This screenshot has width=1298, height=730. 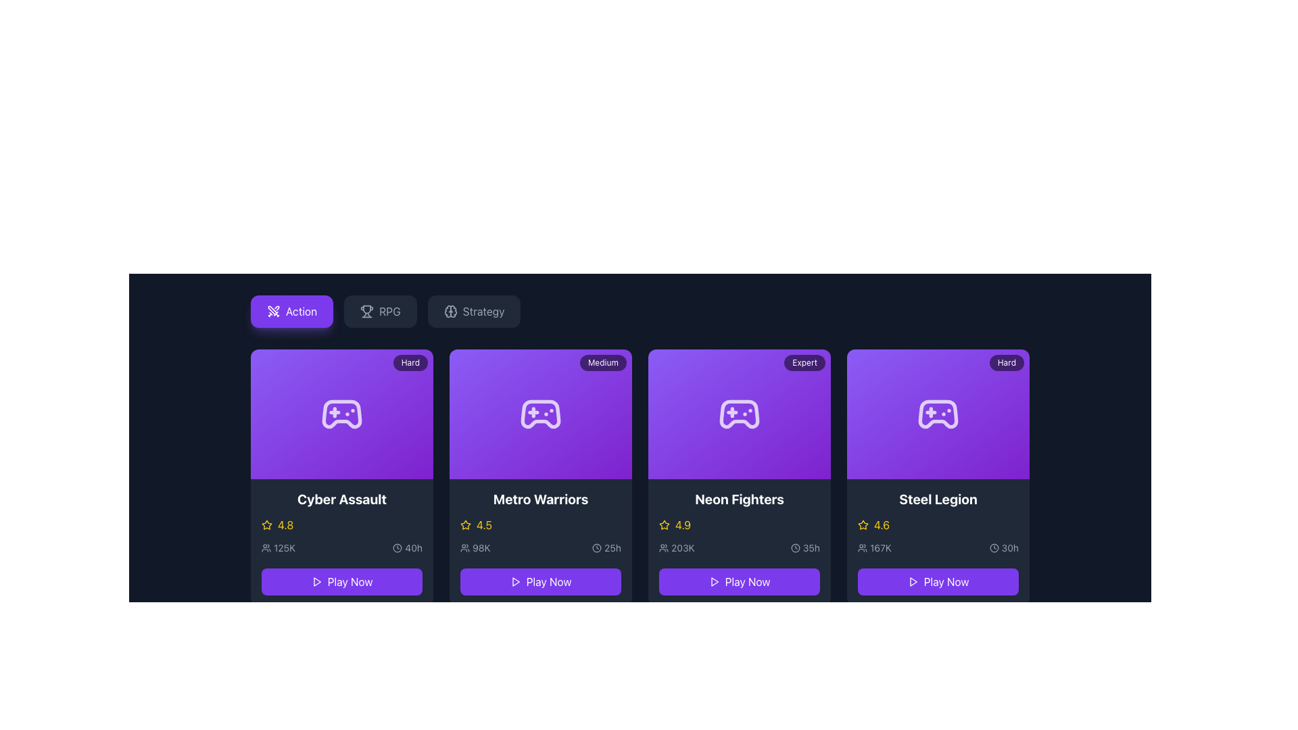 I want to click on the play icon of the 'Play Now' button for 'Metro Warriors', which indicates the playback functionality, so click(x=514, y=581).